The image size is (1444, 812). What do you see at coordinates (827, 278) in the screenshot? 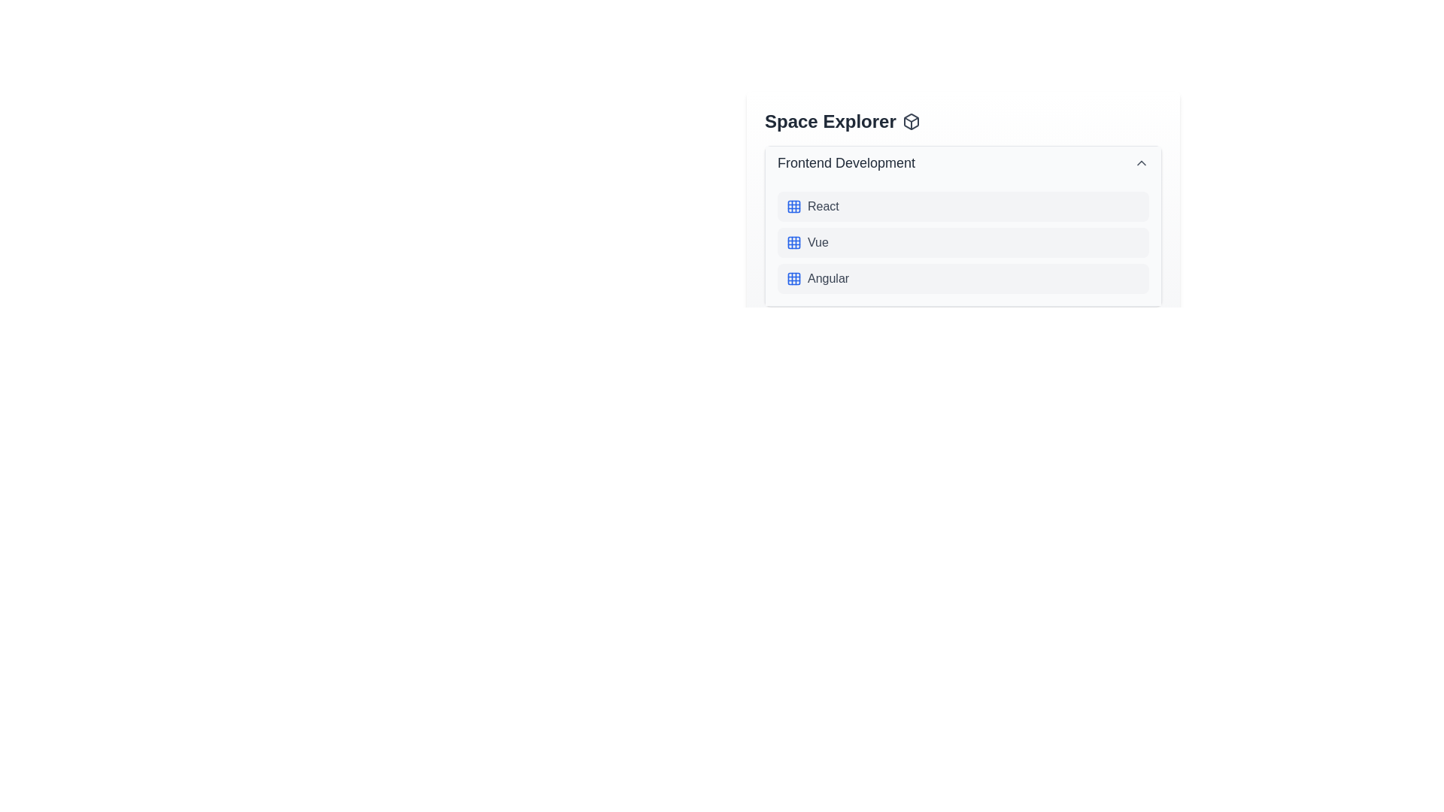
I see `text label displaying 'Angular' which is located right-aligned in the third row of the list under the 'Frontend Development' section` at bounding box center [827, 278].